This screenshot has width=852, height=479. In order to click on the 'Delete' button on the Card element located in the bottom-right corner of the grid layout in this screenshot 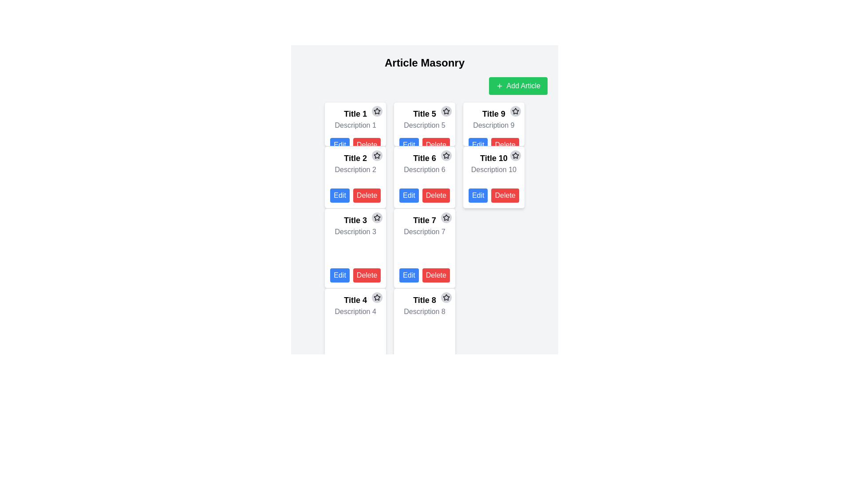, I will do `click(493, 177)`.